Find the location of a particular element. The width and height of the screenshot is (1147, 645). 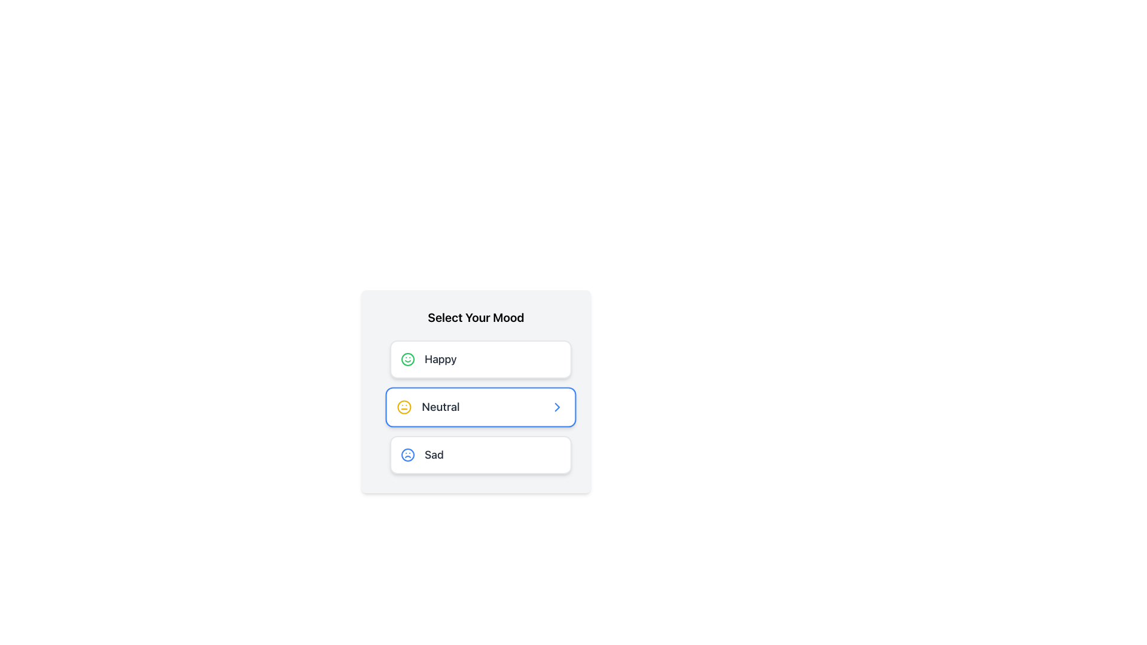

the 'Neutral' mood selection button, which is the second item in a vertical group of three mood options is located at coordinates (475, 407).